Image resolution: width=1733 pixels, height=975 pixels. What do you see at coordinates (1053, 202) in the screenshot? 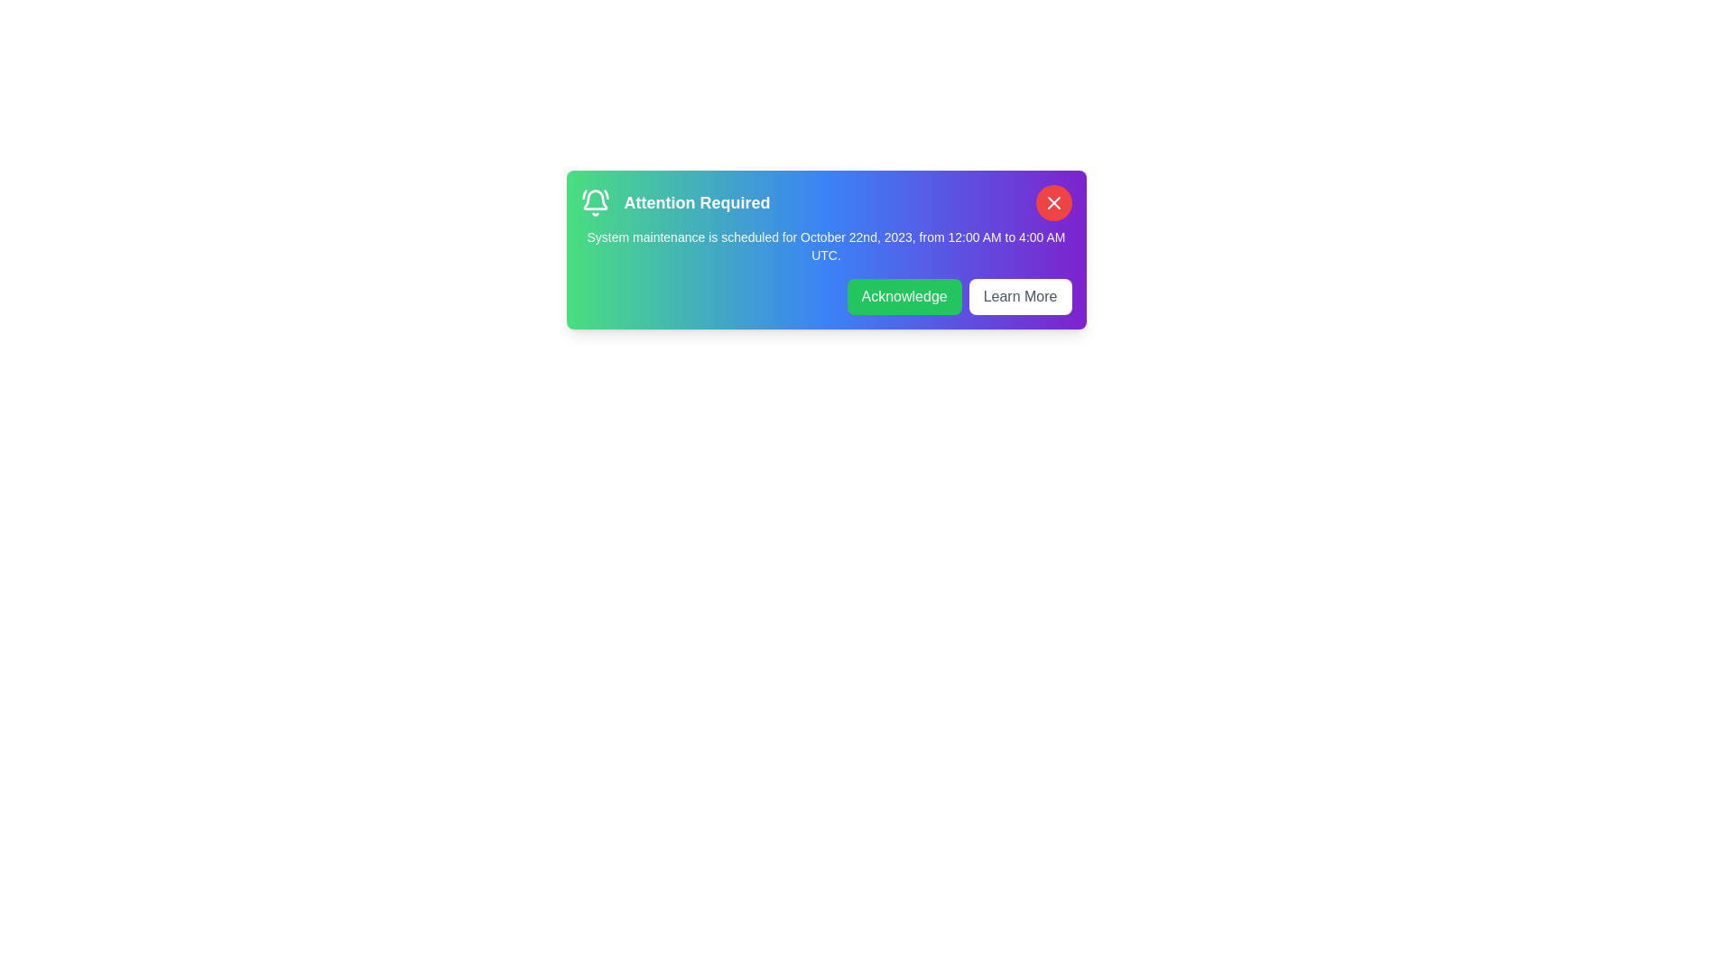
I see `the close button of the notification bar to dismiss it` at bounding box center [1053, 202].